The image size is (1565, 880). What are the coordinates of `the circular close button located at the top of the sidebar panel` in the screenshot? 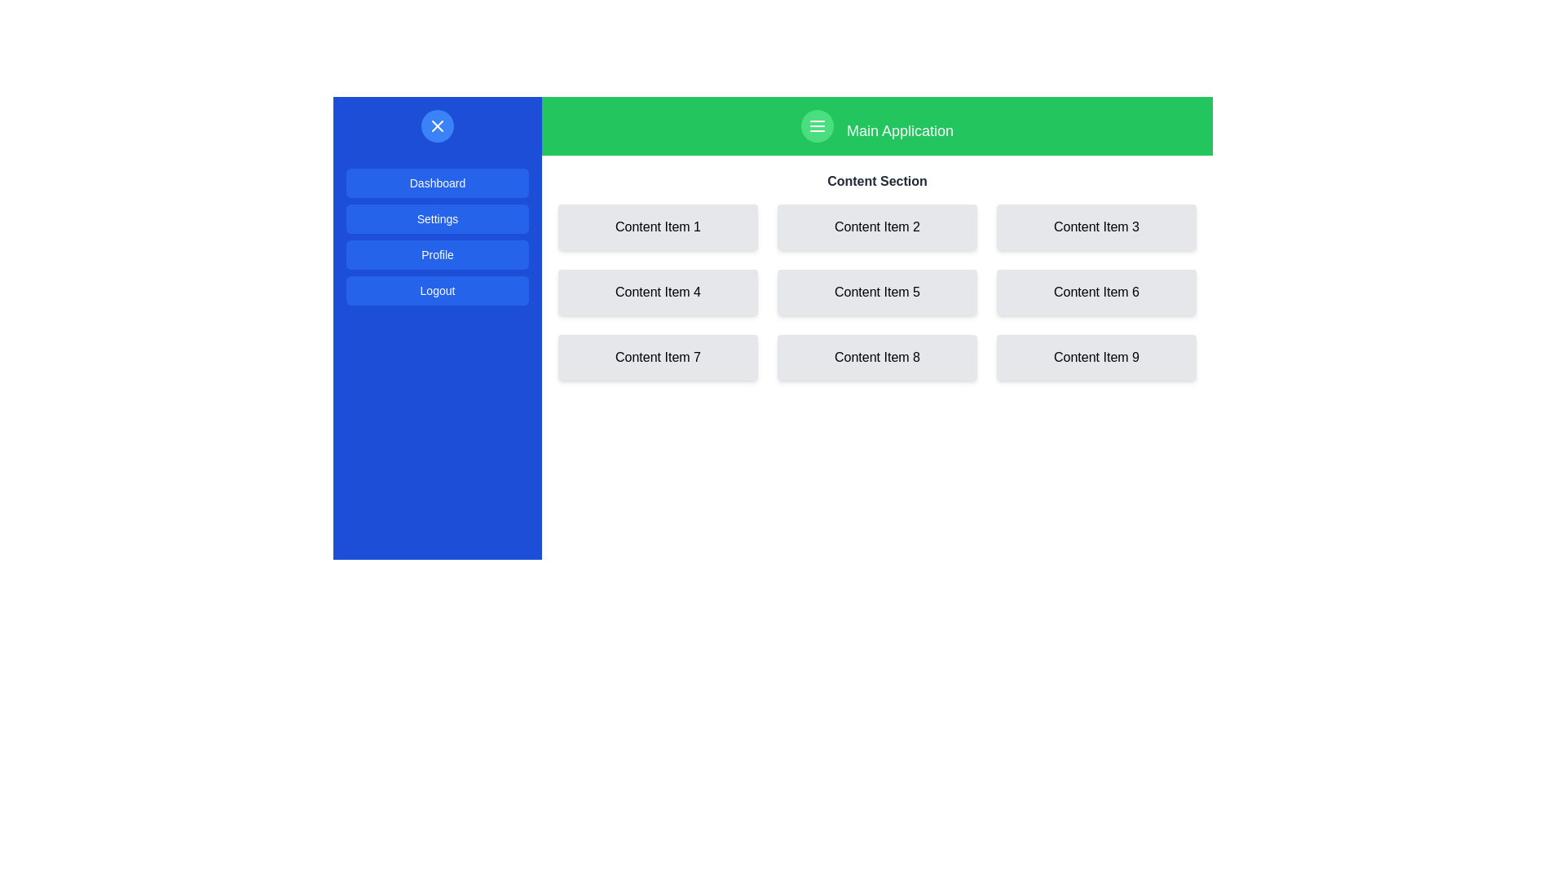 It's located at (438, 125).